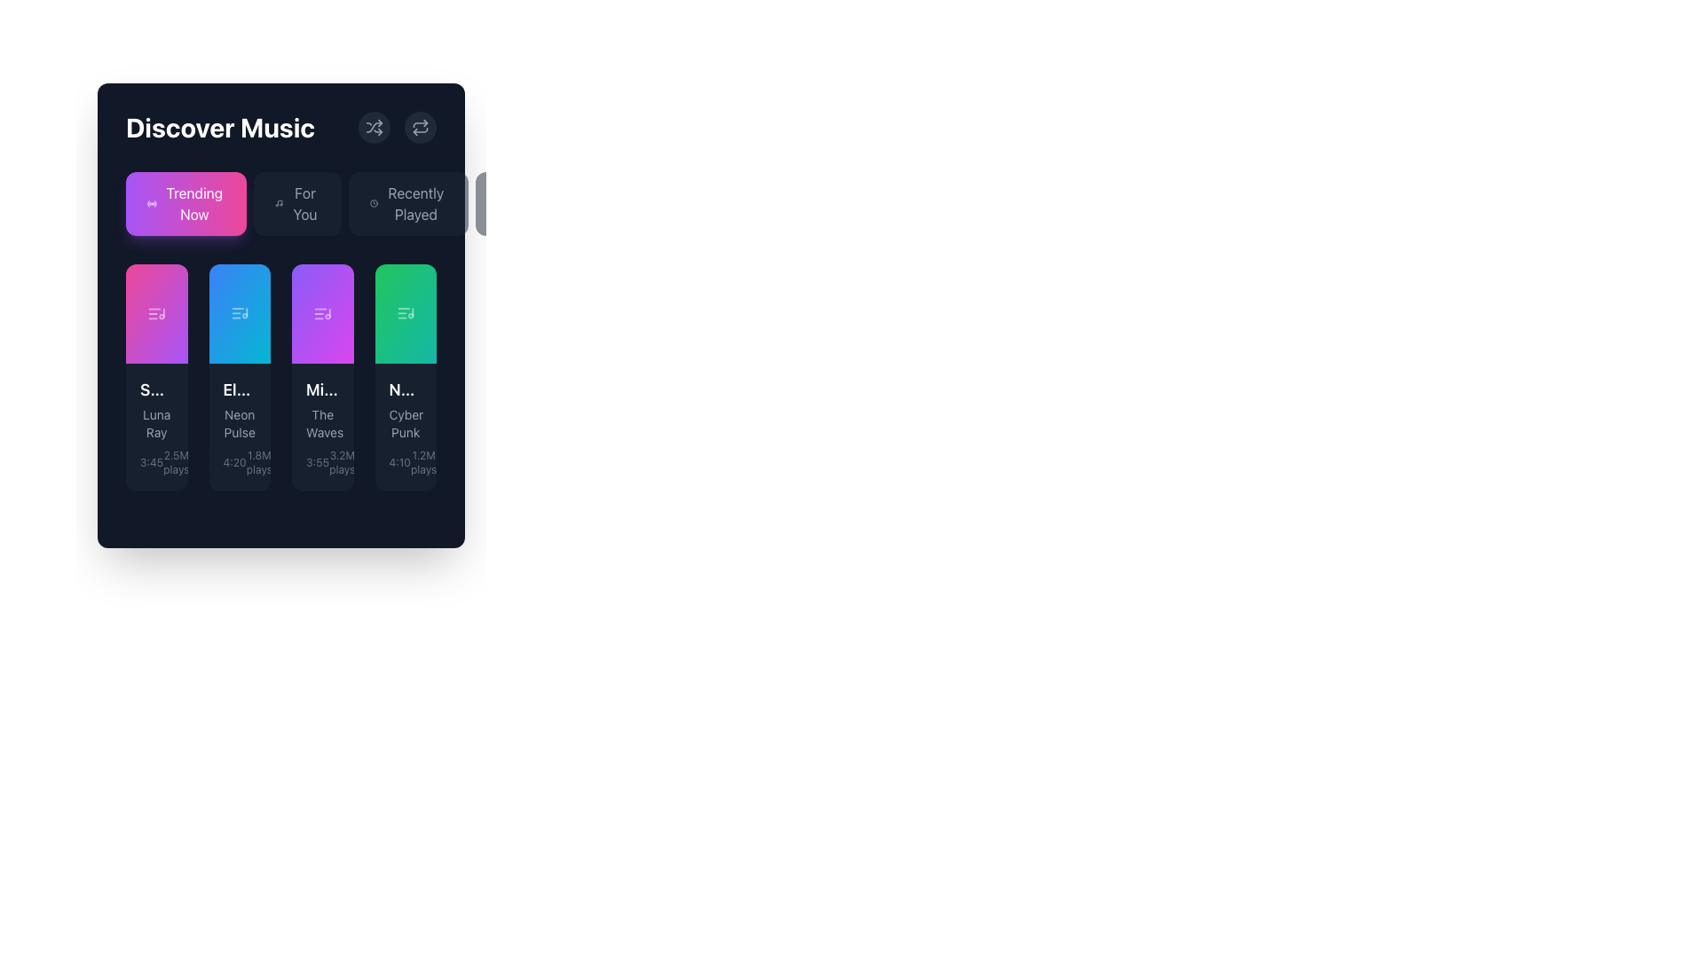 The width and height of the screenshot is (1704, 958). What do you see at coordinates (152, 461) in the screenshot?
I see `the static text displaying the duration of the song 'Luna Ray' in the 'Trending Now' section of the 'Discover Music' interface` at bounding box center [152, 461].